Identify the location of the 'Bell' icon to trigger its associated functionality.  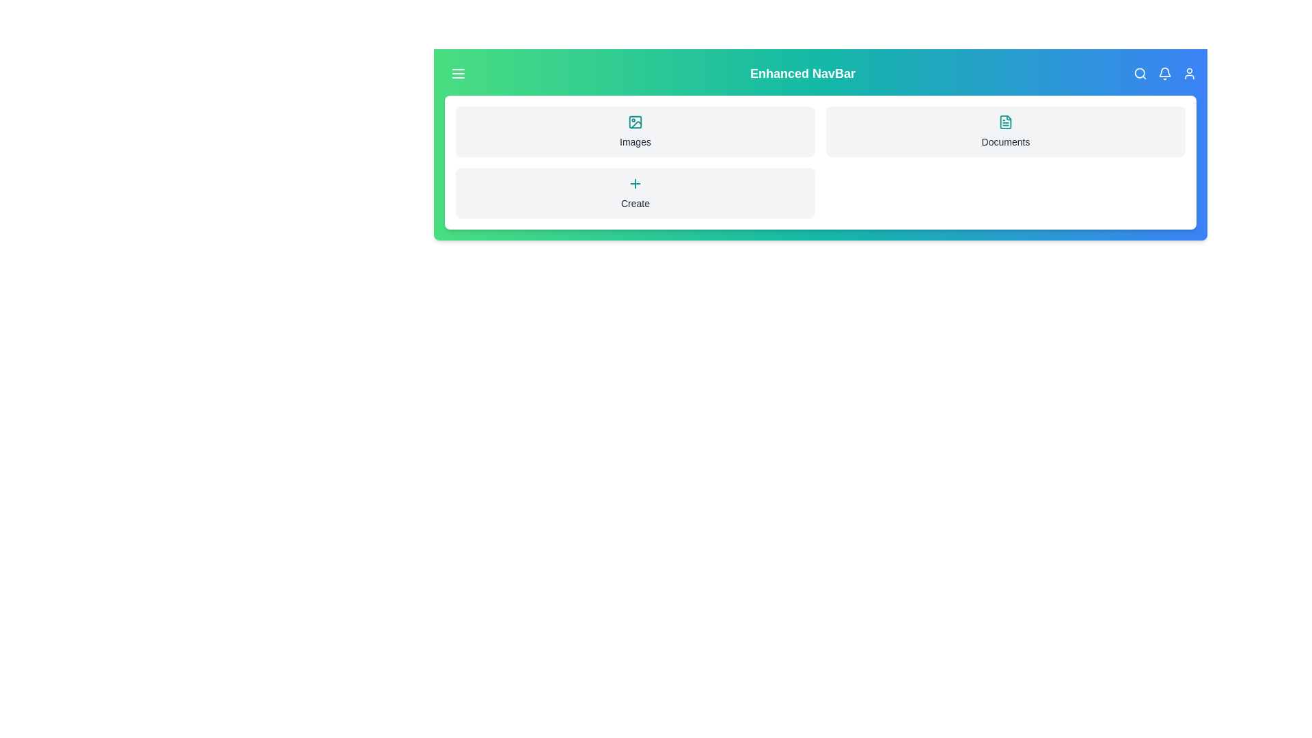
(1164, 74).